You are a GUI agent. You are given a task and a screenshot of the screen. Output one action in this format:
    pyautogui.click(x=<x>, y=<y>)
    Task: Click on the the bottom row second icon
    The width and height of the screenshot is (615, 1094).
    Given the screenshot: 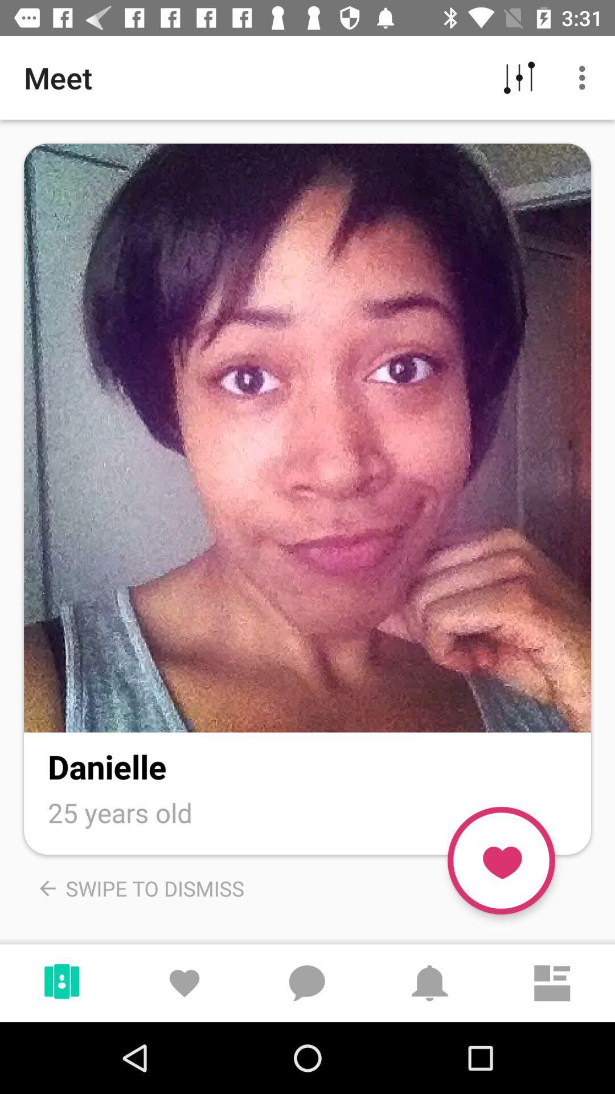 What is the action you would take?
    pyautogui.click(x=184, y=976)
    